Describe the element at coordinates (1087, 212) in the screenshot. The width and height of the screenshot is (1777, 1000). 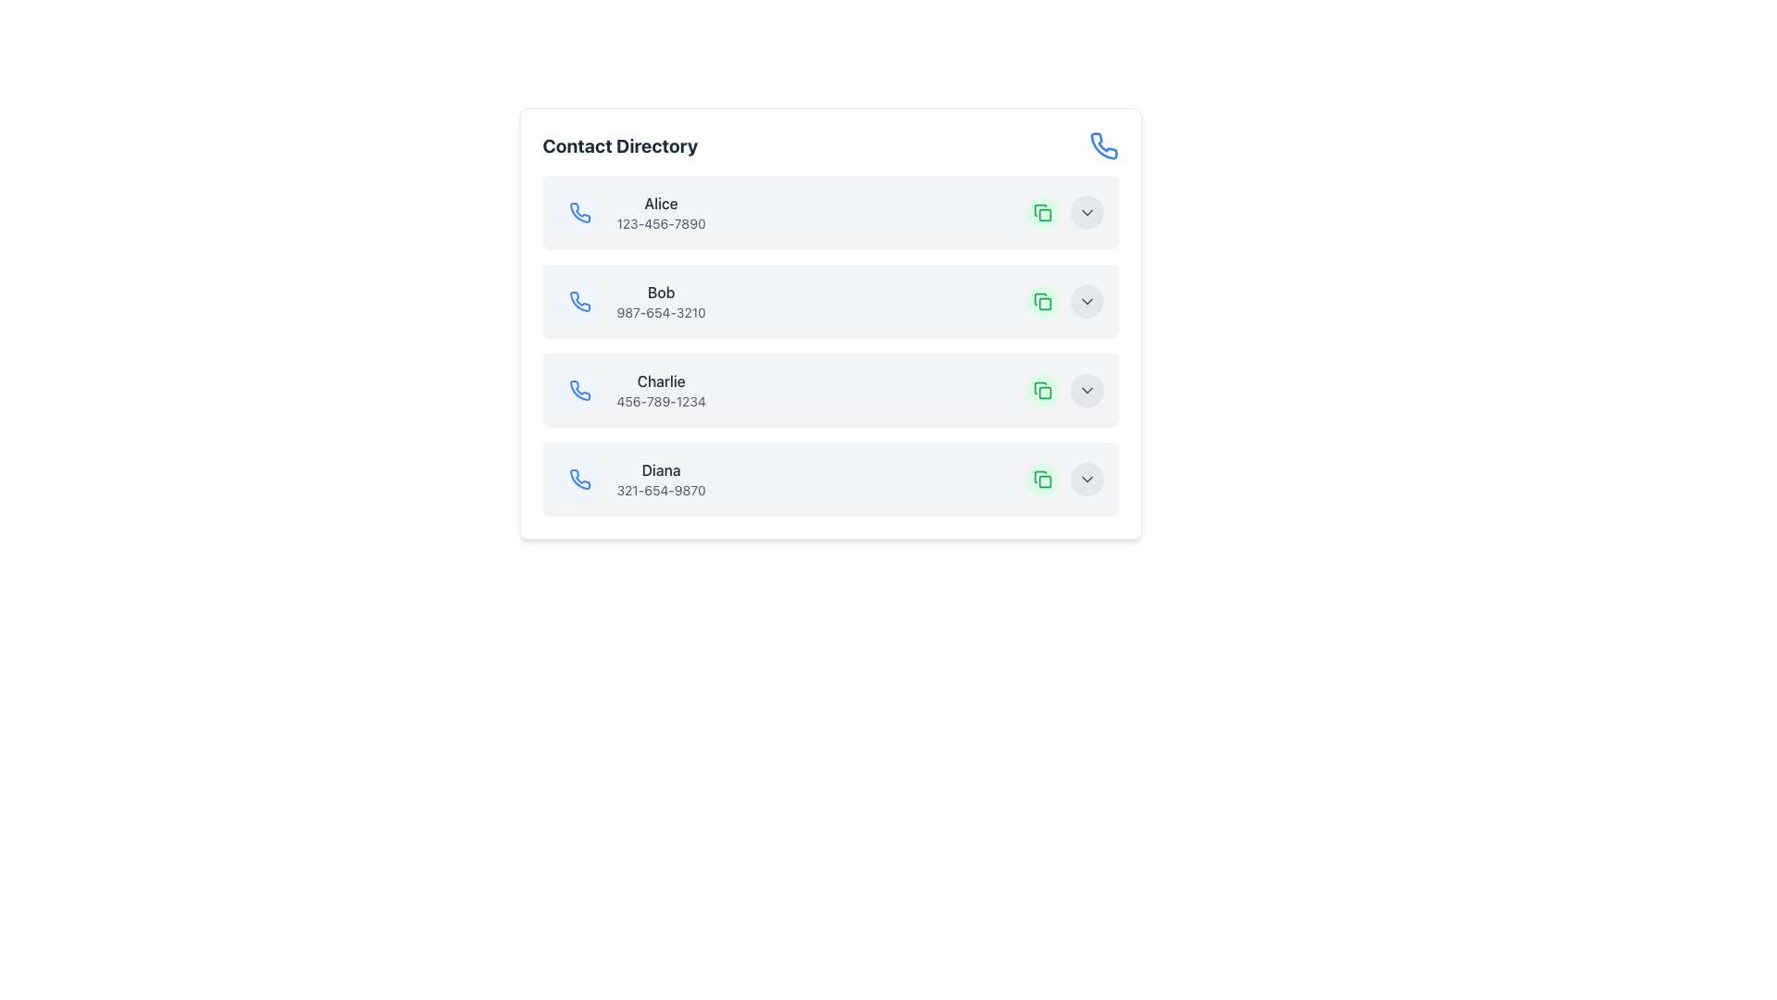
I see `the circular gray dropdown button with a downward arrow icon located at the far-right side of the row for the 'Alice' contact entry` at that location.